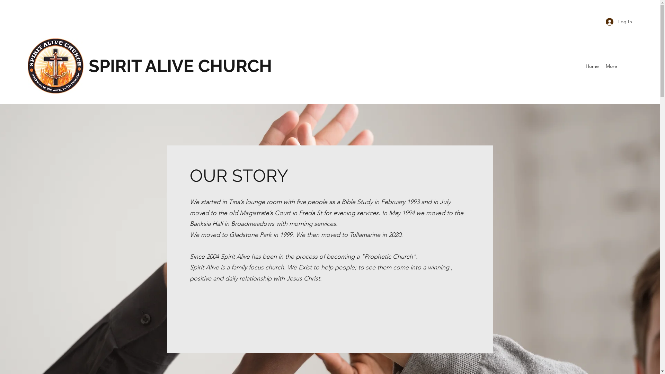 Image resolution: width=665 pixels, height=374 pixels. What do you see at coordinates (617, 21) in the screenshot?
I see `'Log In'` at bounding box center [617, 21].